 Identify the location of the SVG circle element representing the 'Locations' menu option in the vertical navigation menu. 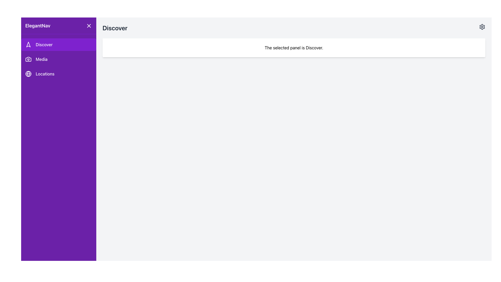
(28, 74).